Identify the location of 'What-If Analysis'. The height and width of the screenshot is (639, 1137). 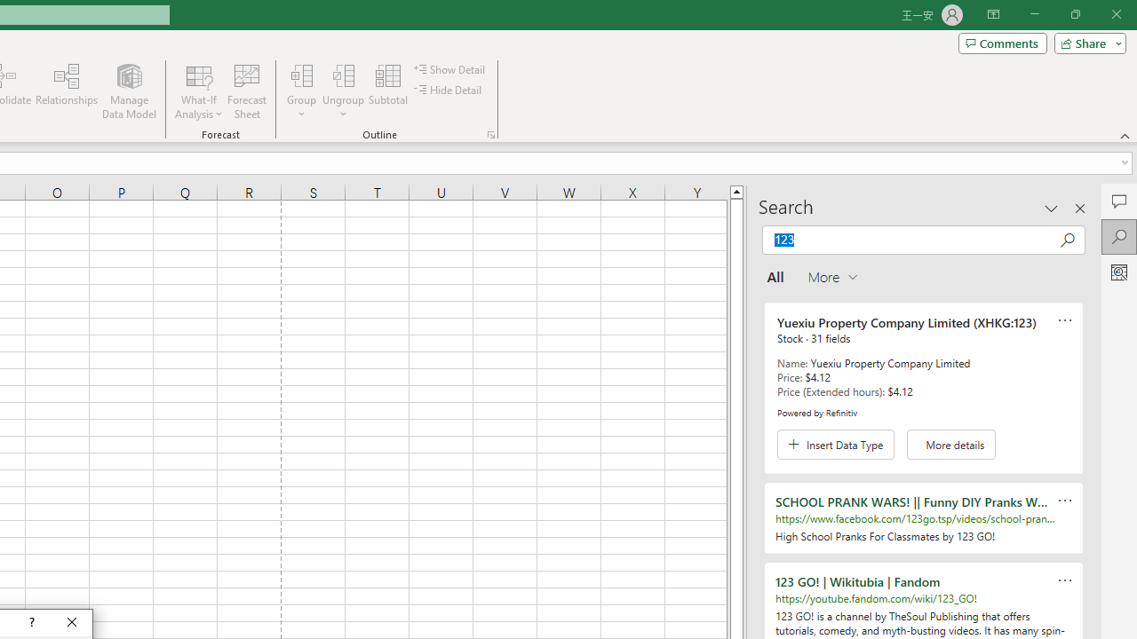
(199, 91).